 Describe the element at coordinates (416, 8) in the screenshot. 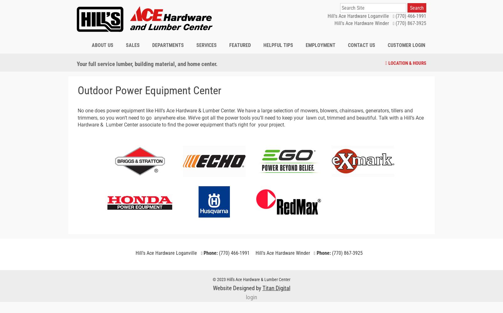

I see `'Search'` at that location.